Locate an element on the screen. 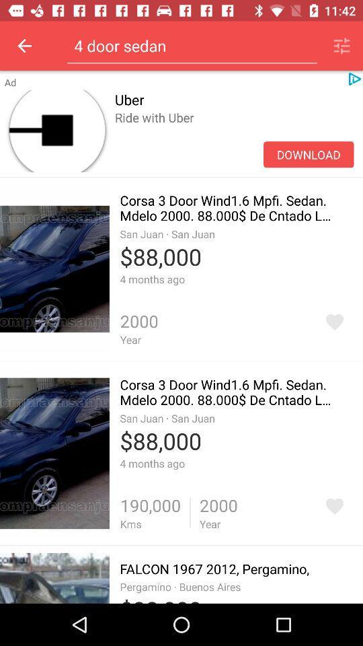 The width and height of the screenshot is (363, 646). the download item is located at coordinates (309, 154).